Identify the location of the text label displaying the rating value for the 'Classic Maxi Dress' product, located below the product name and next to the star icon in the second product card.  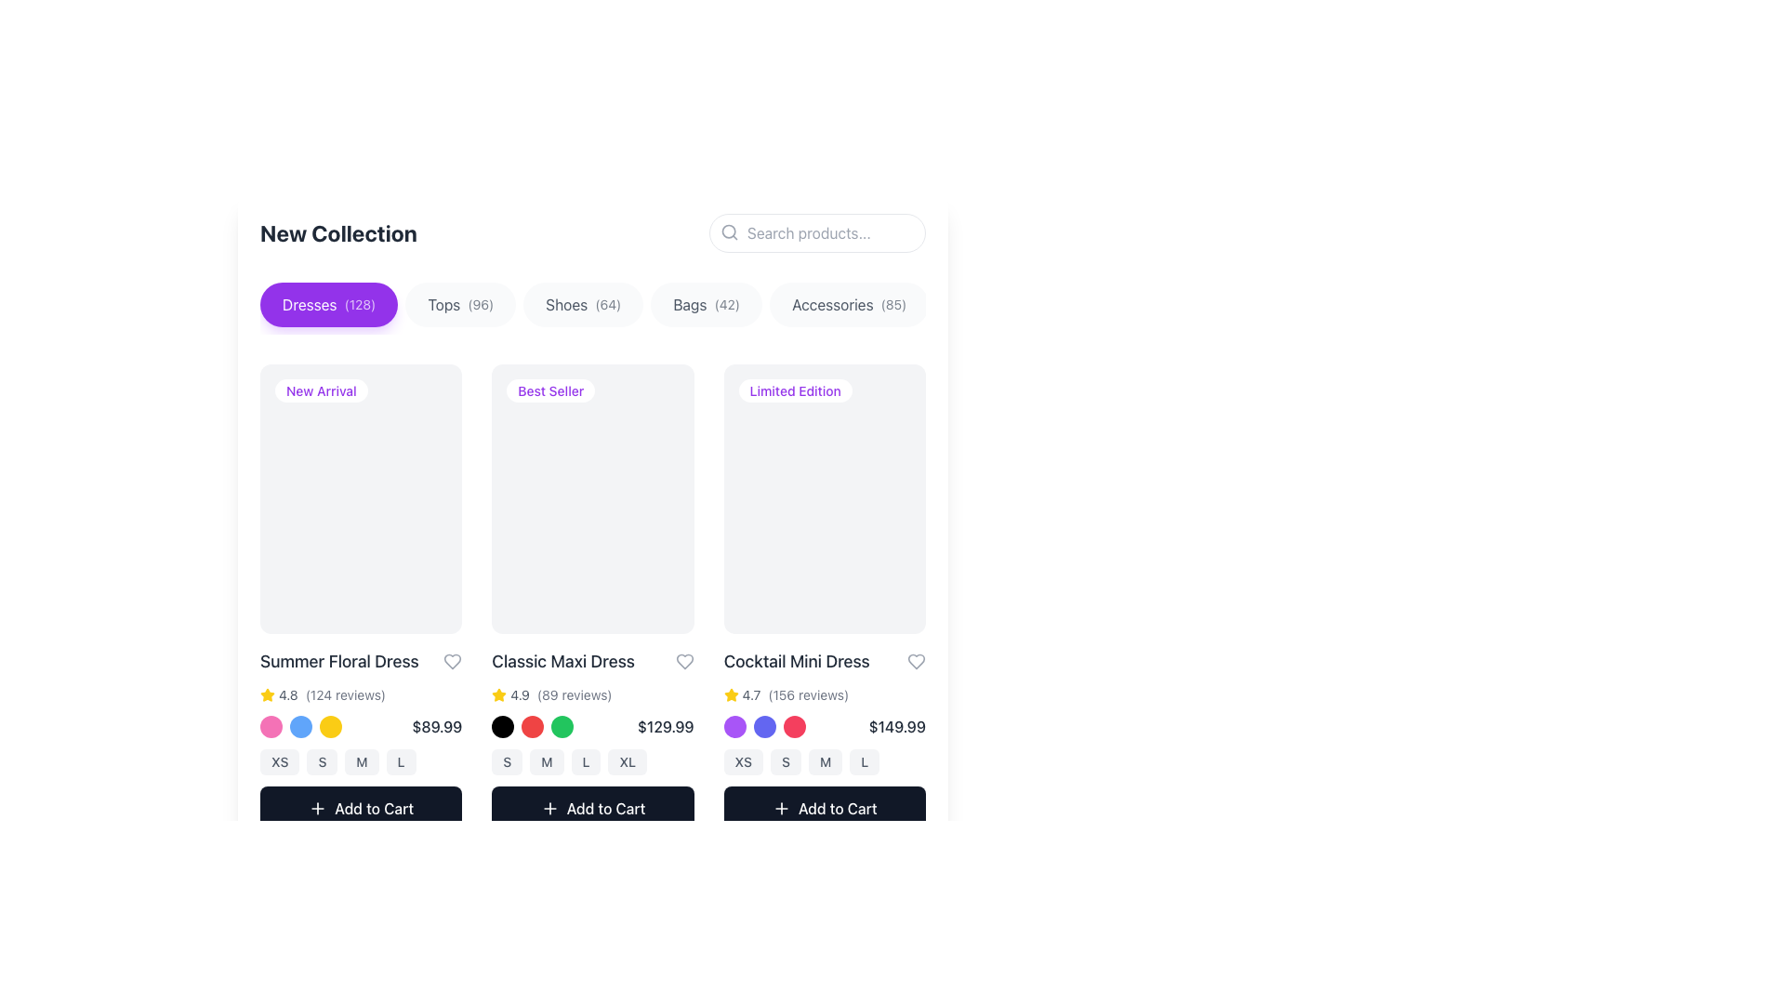
(520, 694).